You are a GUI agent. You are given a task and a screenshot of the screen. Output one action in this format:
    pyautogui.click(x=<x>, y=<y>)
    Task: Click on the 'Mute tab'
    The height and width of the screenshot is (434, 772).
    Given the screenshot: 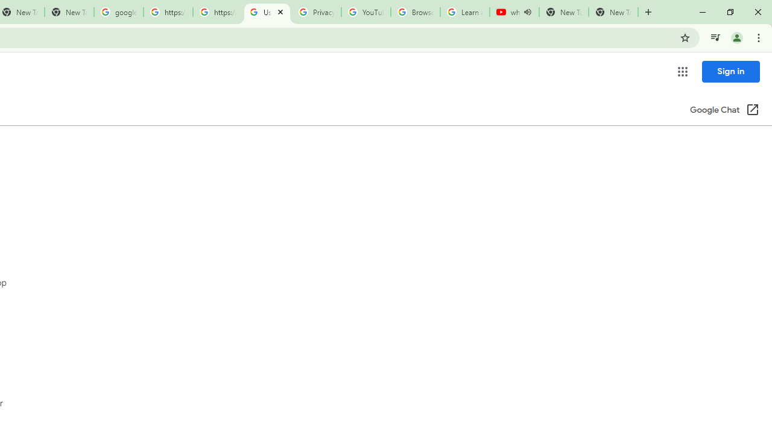 What is the action you would take?
    pyautogui.click(x=527, y=12)
    